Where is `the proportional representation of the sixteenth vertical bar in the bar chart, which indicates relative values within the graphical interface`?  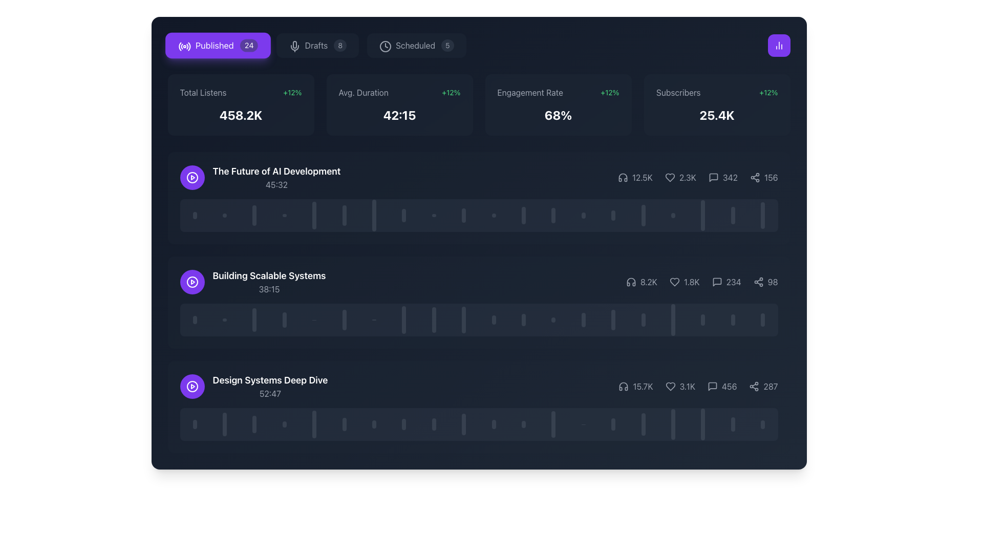 the proportional representation of the sixteenth vertical bar in the bar chart, which indicates relative values within the graphical interface is located at coordinates (643, 215).